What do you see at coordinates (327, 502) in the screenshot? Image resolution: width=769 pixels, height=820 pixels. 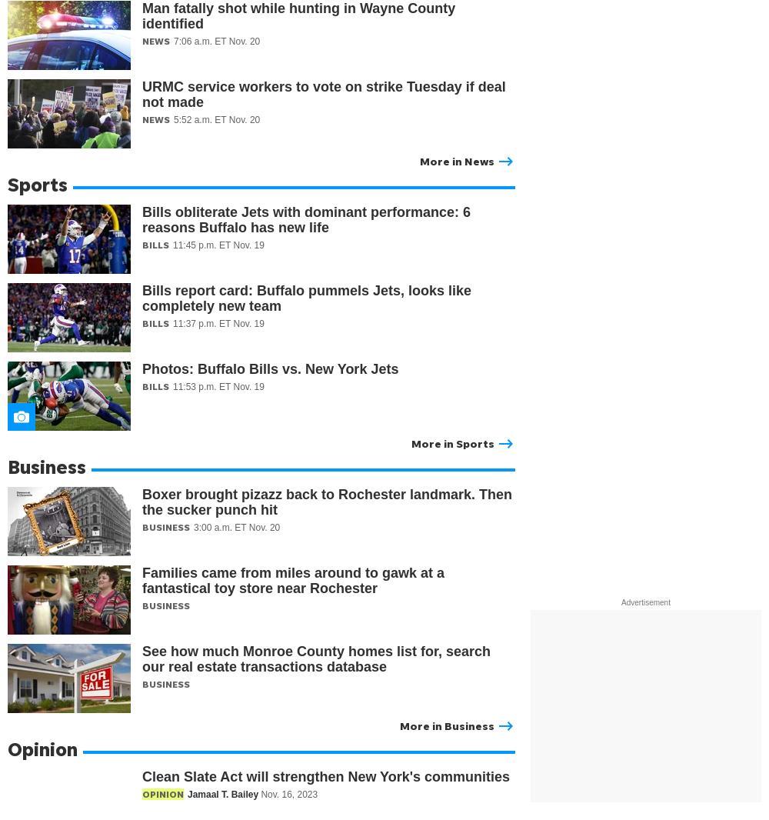 I see `'Boxer brought pizazz back to Rochester landmark. Then the sucker punch hit'` at bounding box center [327, 502].